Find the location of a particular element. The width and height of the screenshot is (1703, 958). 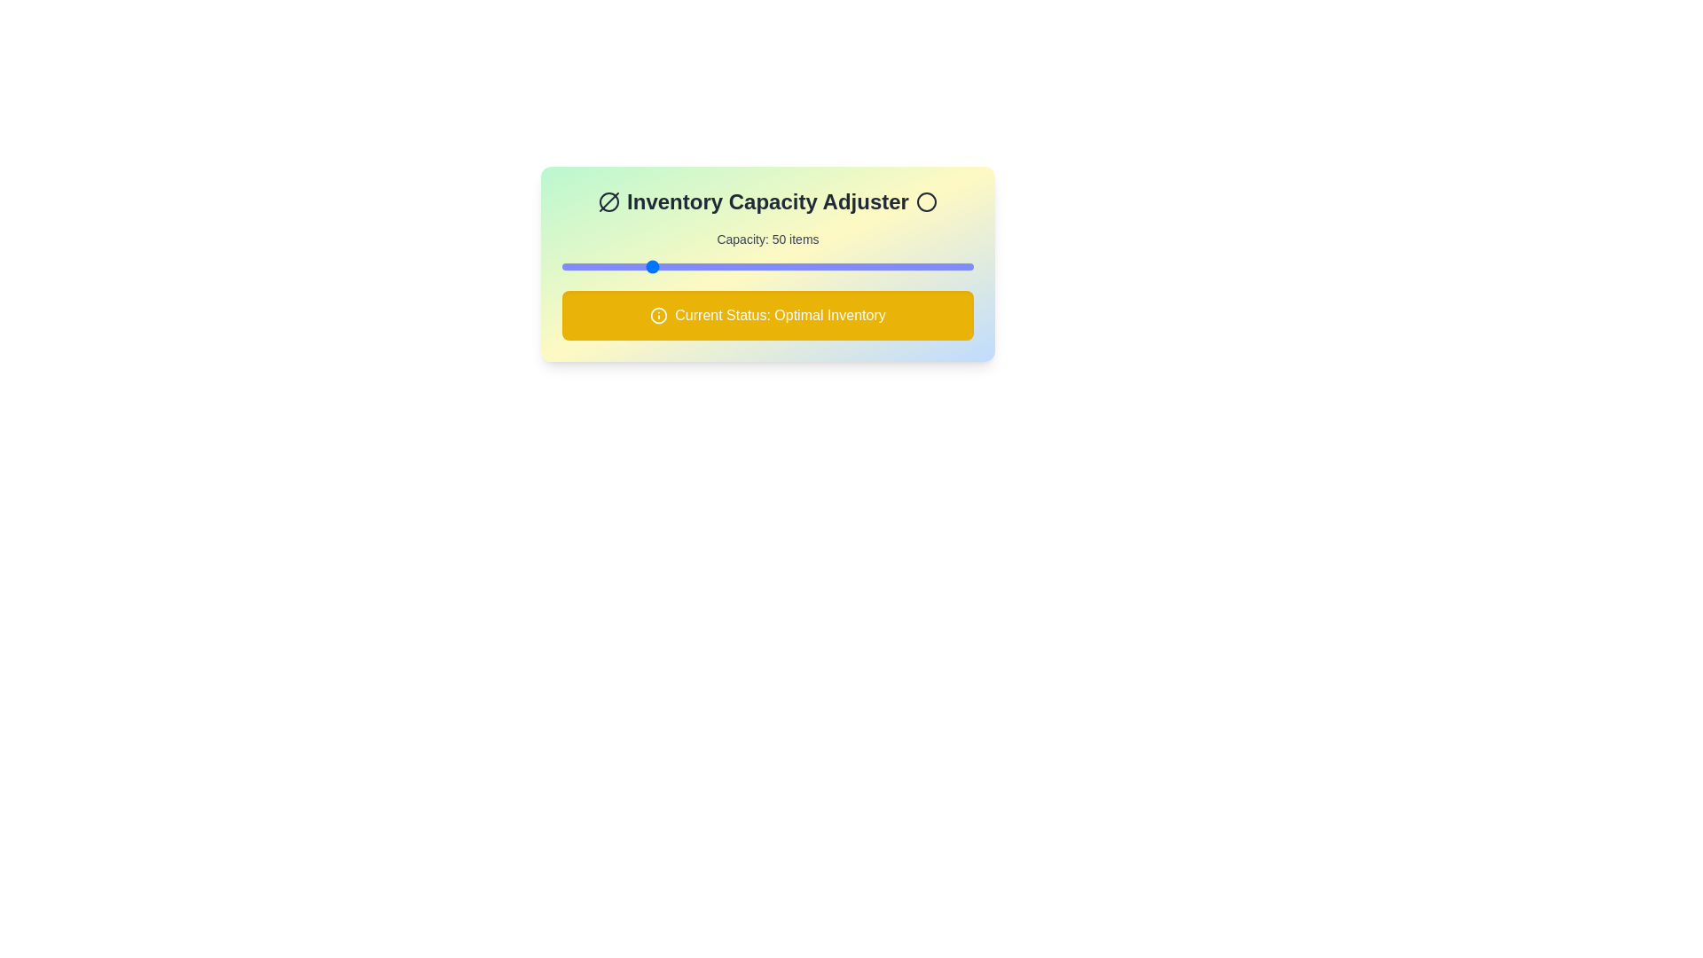

the inventory capacity slider to 183 items is located at coordinates (936, 266).